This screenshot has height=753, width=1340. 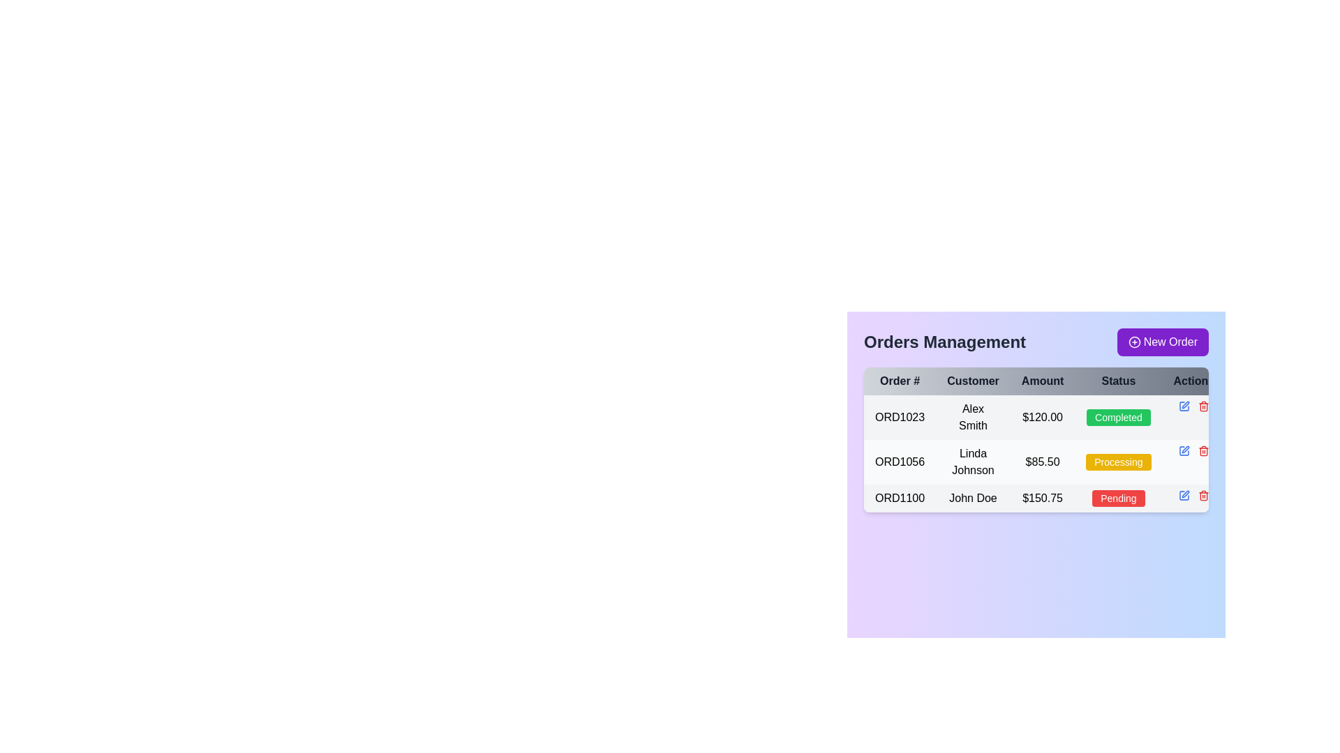 I want to click on the red trashcan icon button that symbolizes deletion, located within the action icons of the order management table next to order 'ORD1056', so click(x=1203, y=451).